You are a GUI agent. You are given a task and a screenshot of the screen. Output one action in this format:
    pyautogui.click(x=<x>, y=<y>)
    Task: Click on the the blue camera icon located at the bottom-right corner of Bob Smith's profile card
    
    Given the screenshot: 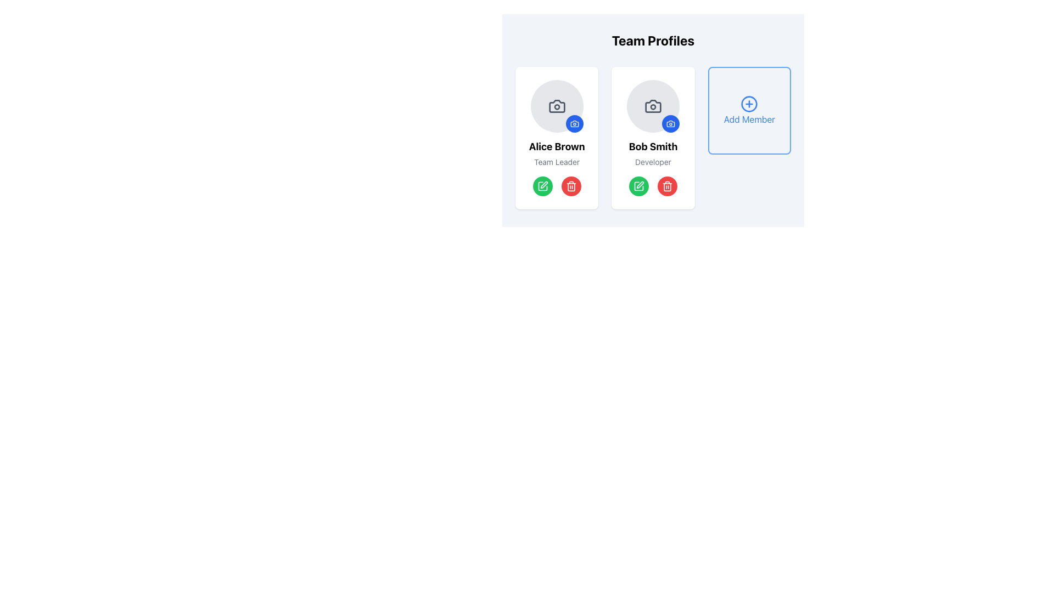 What is the action you would take?
    pyautogui.click(x=670, y=123)
    